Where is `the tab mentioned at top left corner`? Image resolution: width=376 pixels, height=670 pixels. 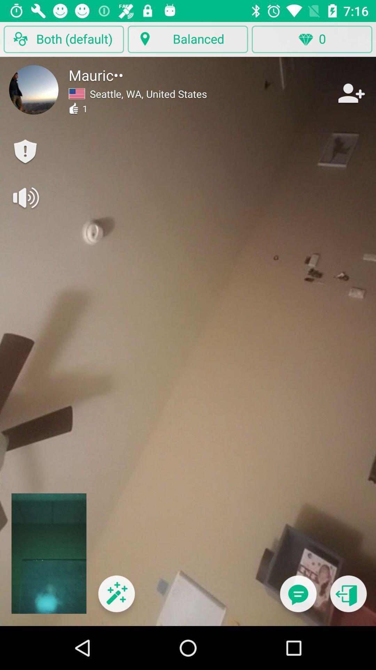
the tab mentioned at top left corner is located at coordinates (64, 39).